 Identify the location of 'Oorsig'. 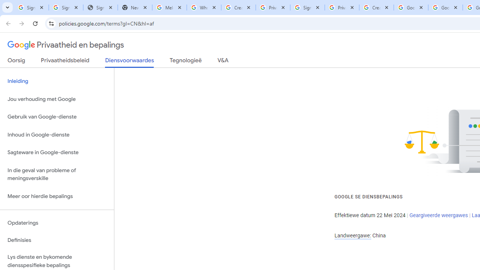
(16, 61).